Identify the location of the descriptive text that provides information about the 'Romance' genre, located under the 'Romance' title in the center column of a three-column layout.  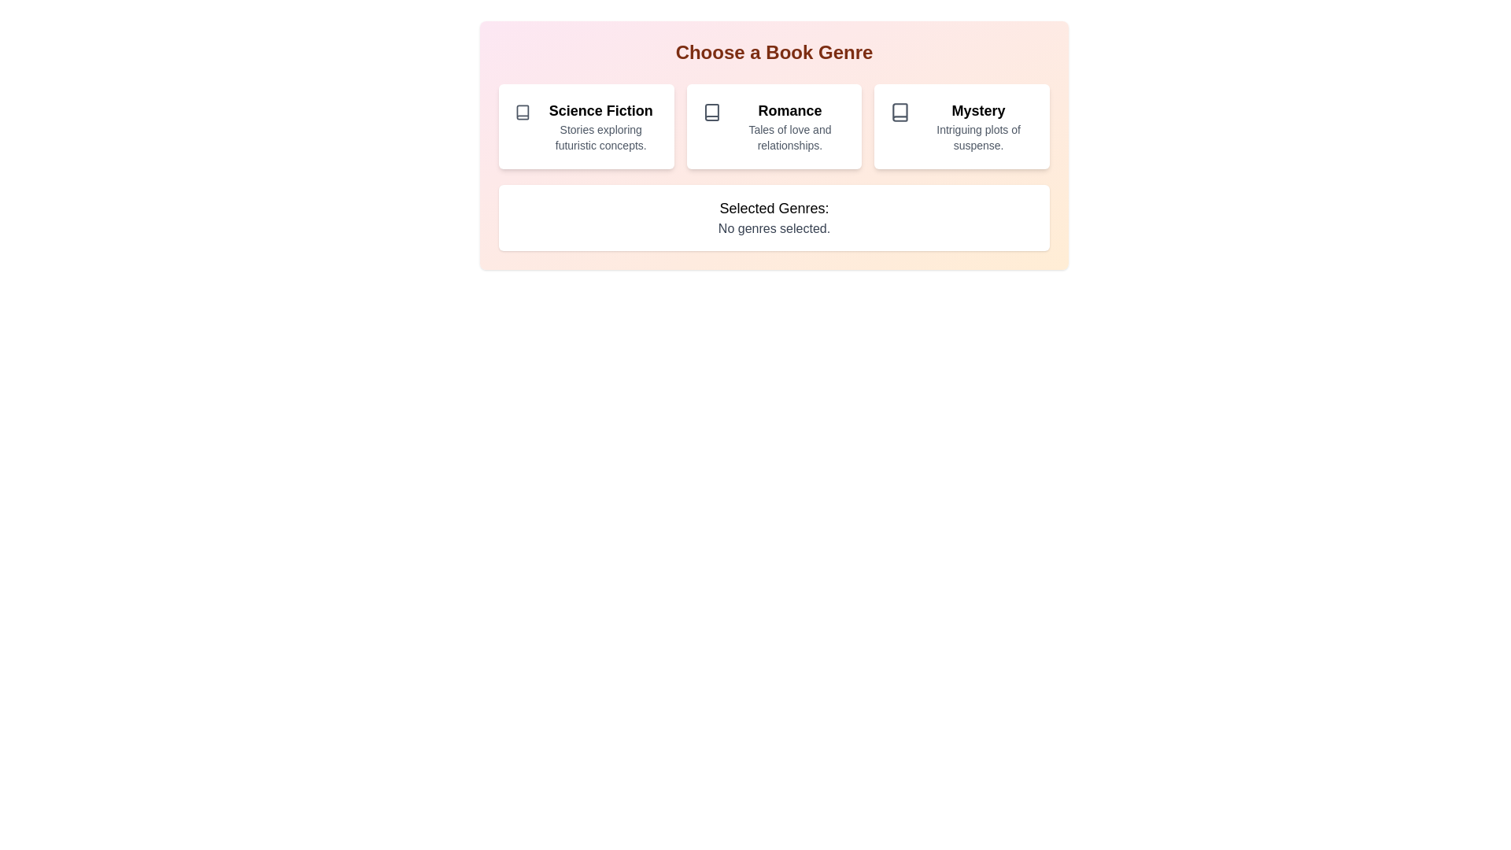
(789, 136).